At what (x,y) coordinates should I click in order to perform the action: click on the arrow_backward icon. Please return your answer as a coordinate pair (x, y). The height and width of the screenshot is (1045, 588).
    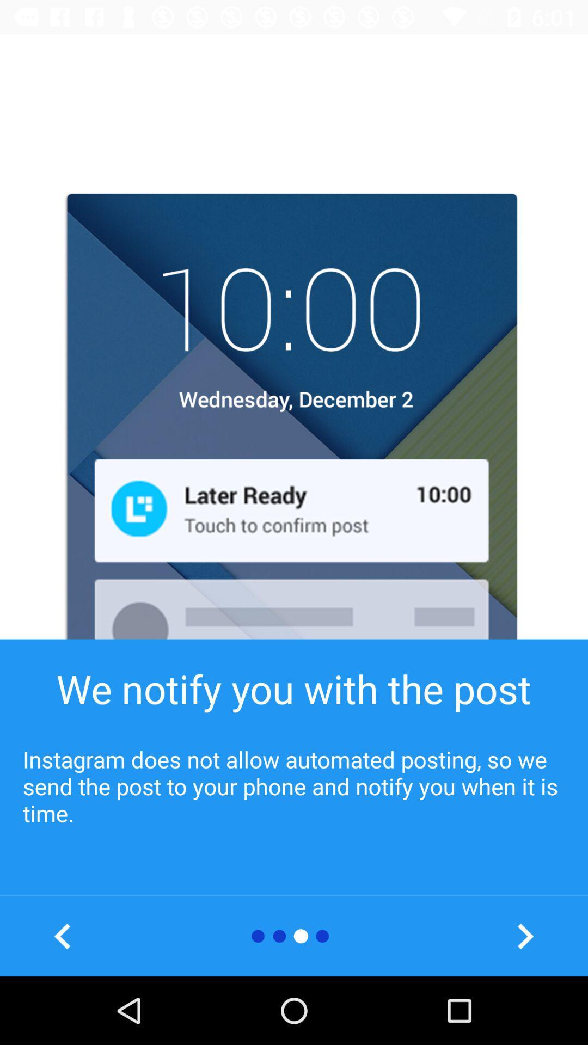
    Looking at the image, I should click on (63, 936).